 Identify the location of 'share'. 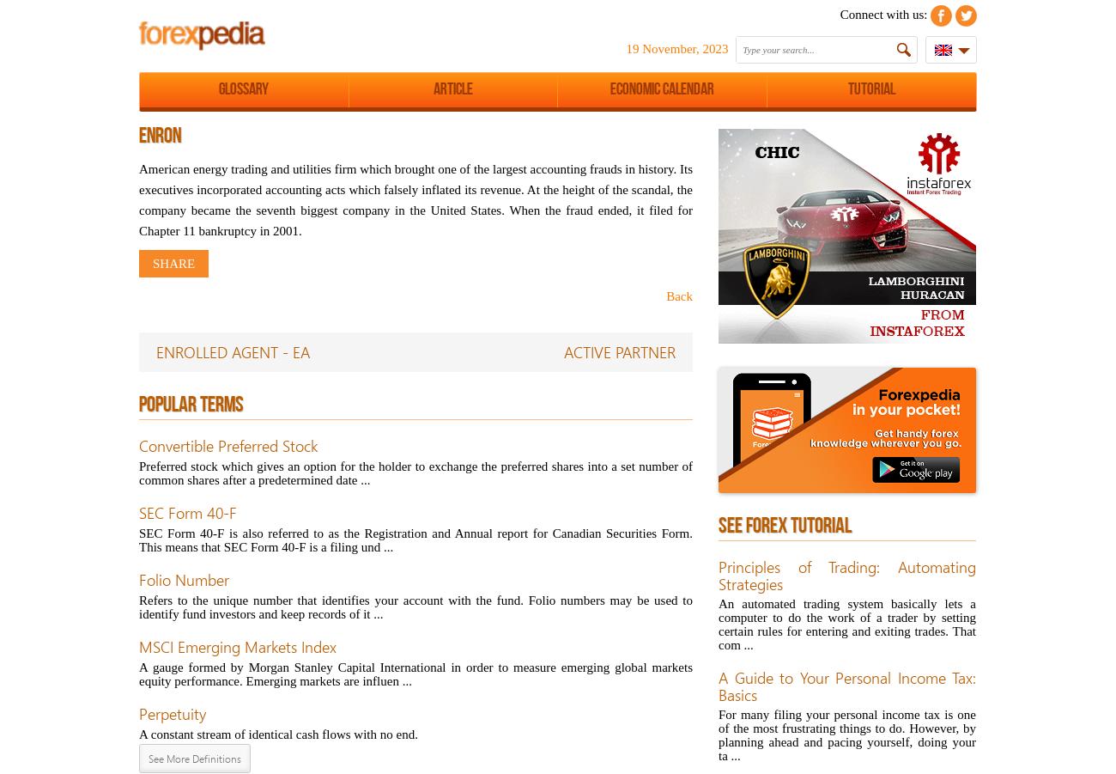
(152, 263).